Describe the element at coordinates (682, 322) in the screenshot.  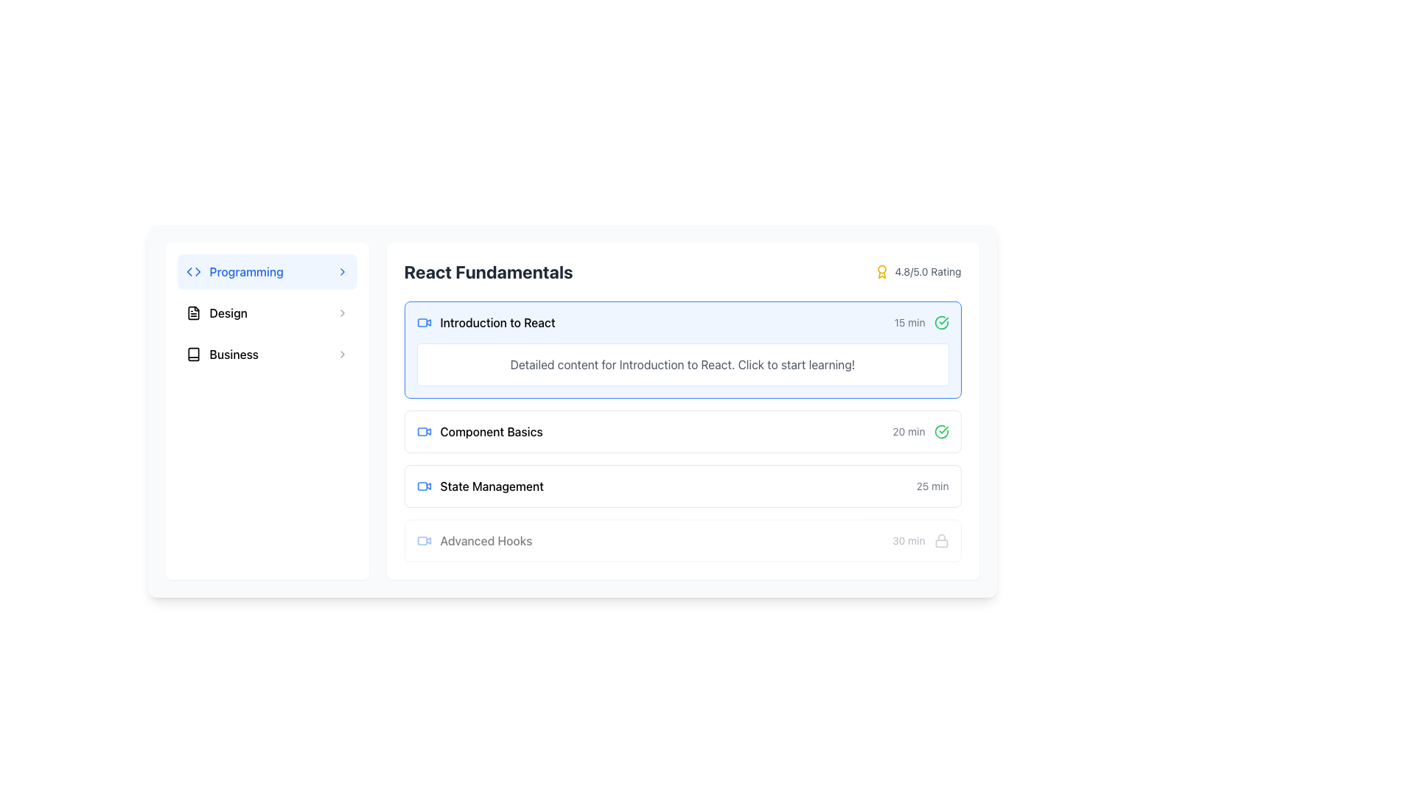
I see `the first topic item in the 'React Fundamentals' section` at that location.